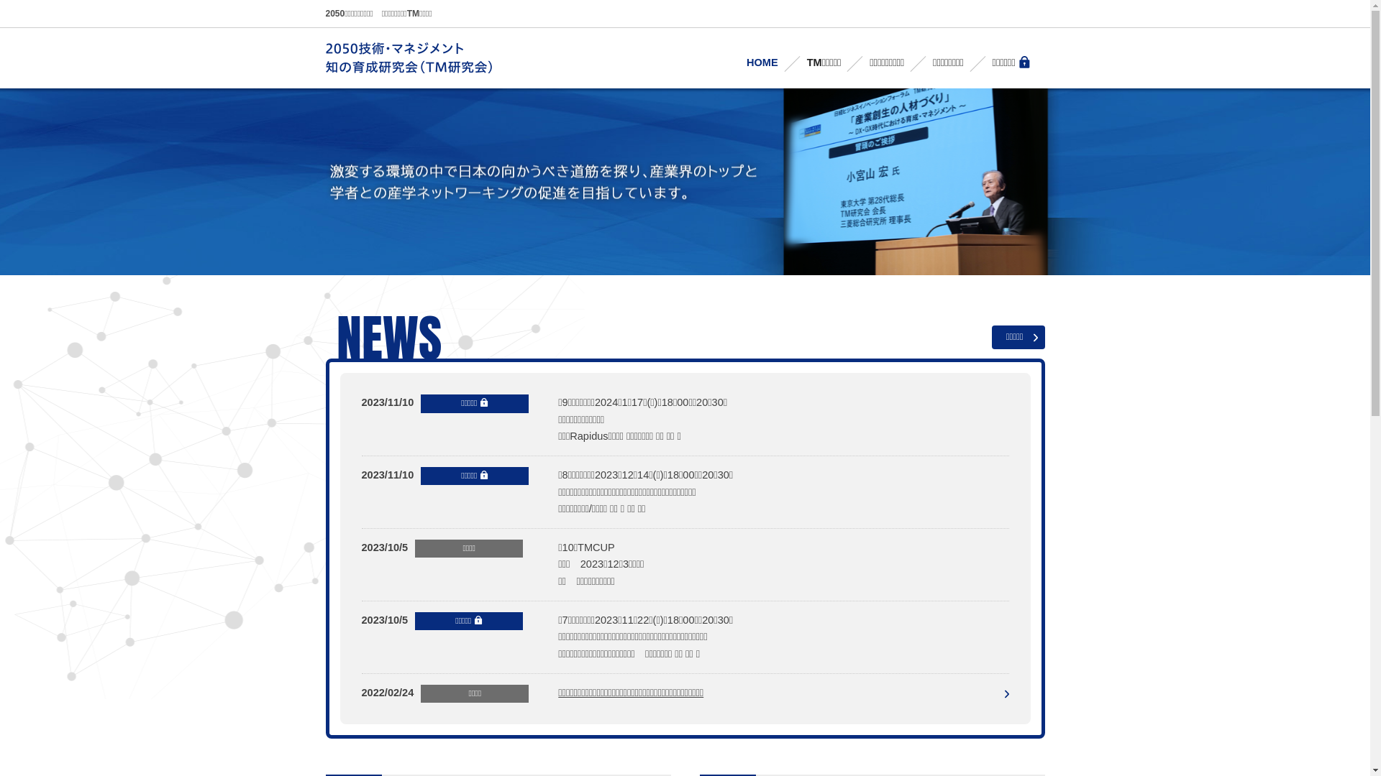 This screenshot has height=776, width=1381. I want to click on 'HOME', so click(731, 62).